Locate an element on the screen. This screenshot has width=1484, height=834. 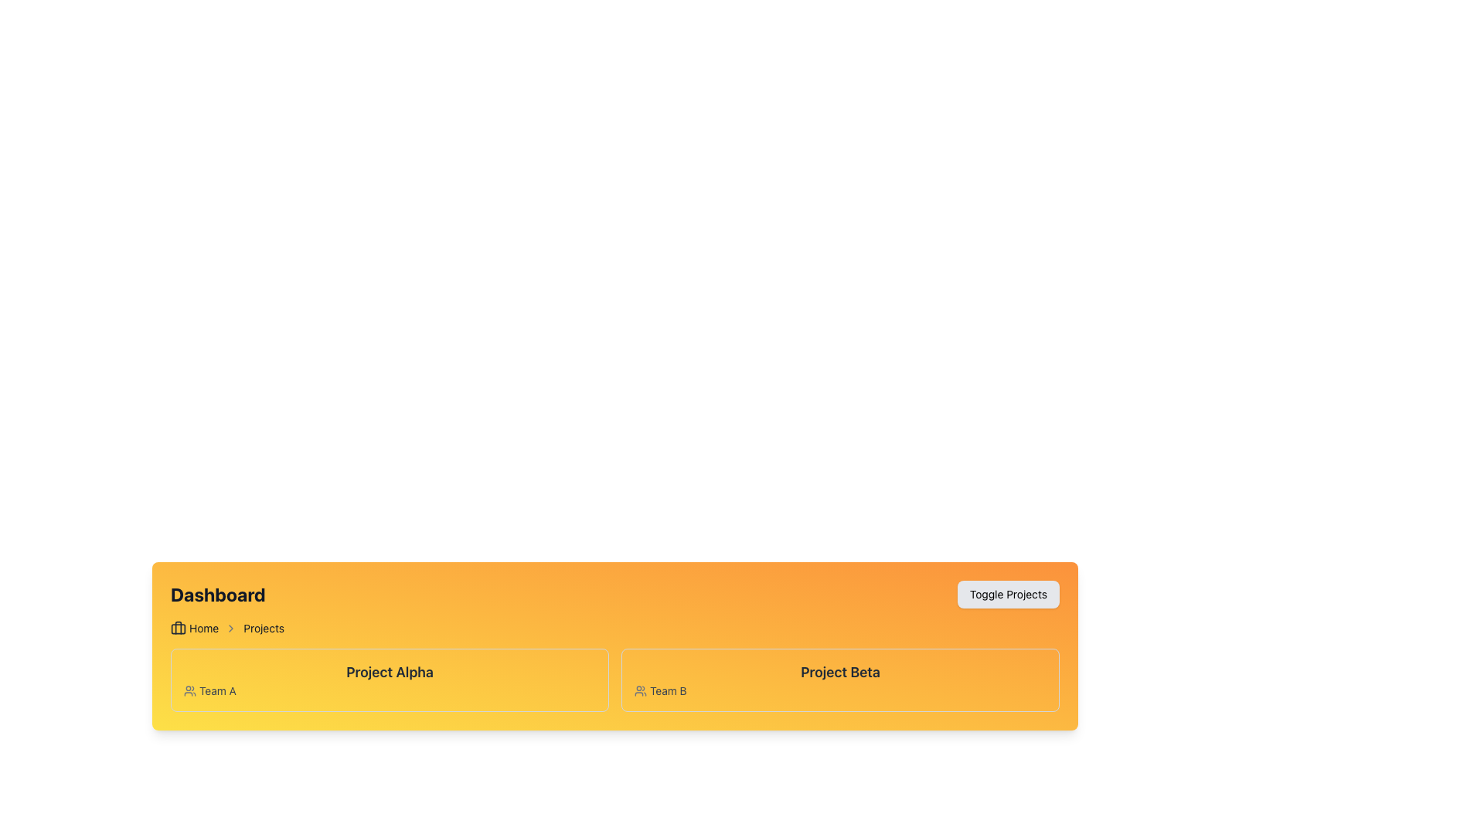
the 'Home' text label in the breadcrumb navigation bar, which indicates the user's current location within the application is located at coordinates (194, 628).